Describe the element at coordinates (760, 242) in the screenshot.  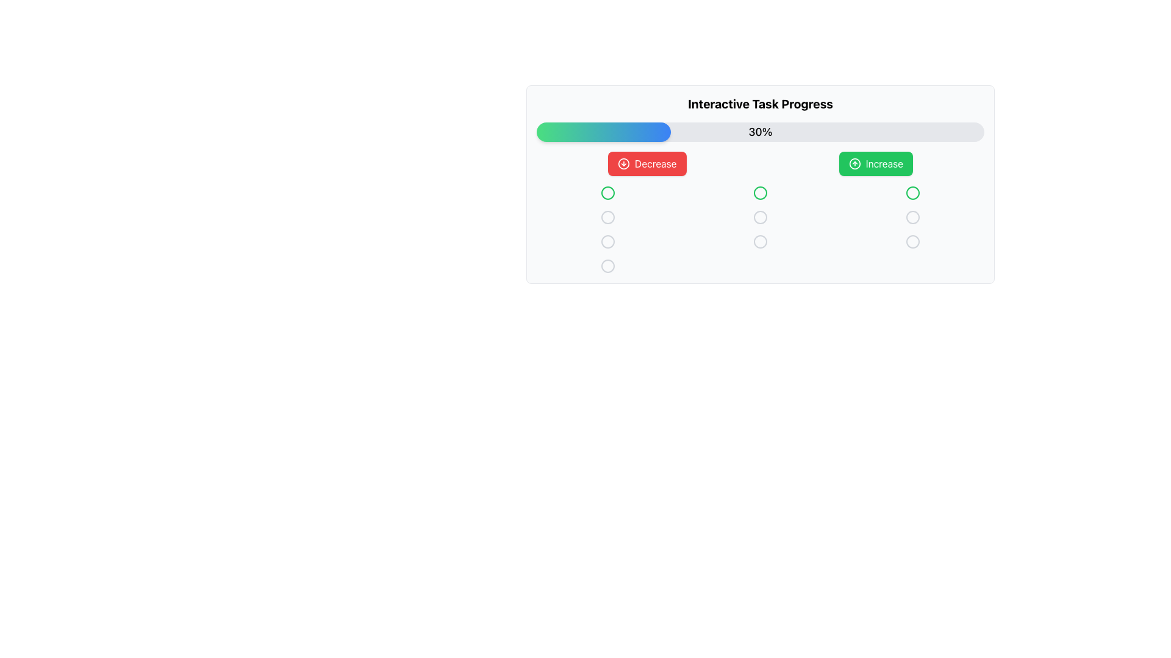
I see `the unselected circular checkbox in the sixth row and third column of the grid layout` at that location.